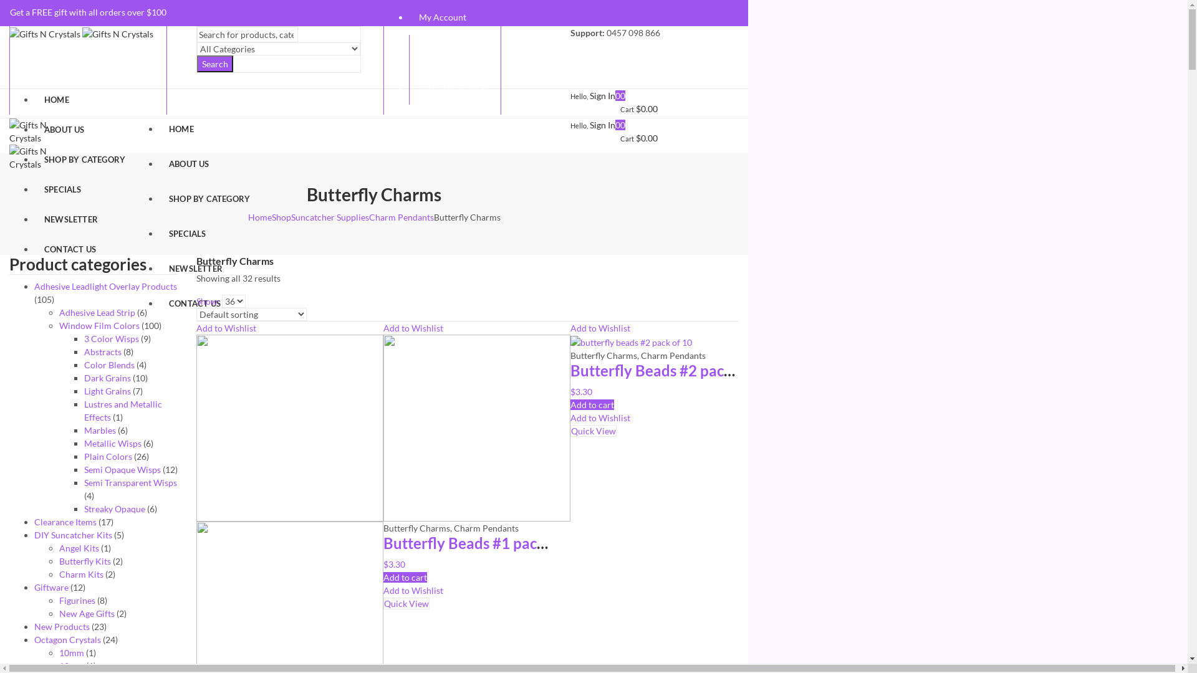 Image resolution: width=1197 pixels, height=673 pixels. Describe the element at coordinates (111, 338) in the screenshot. I see `'3 Color Wisps'` at that location.